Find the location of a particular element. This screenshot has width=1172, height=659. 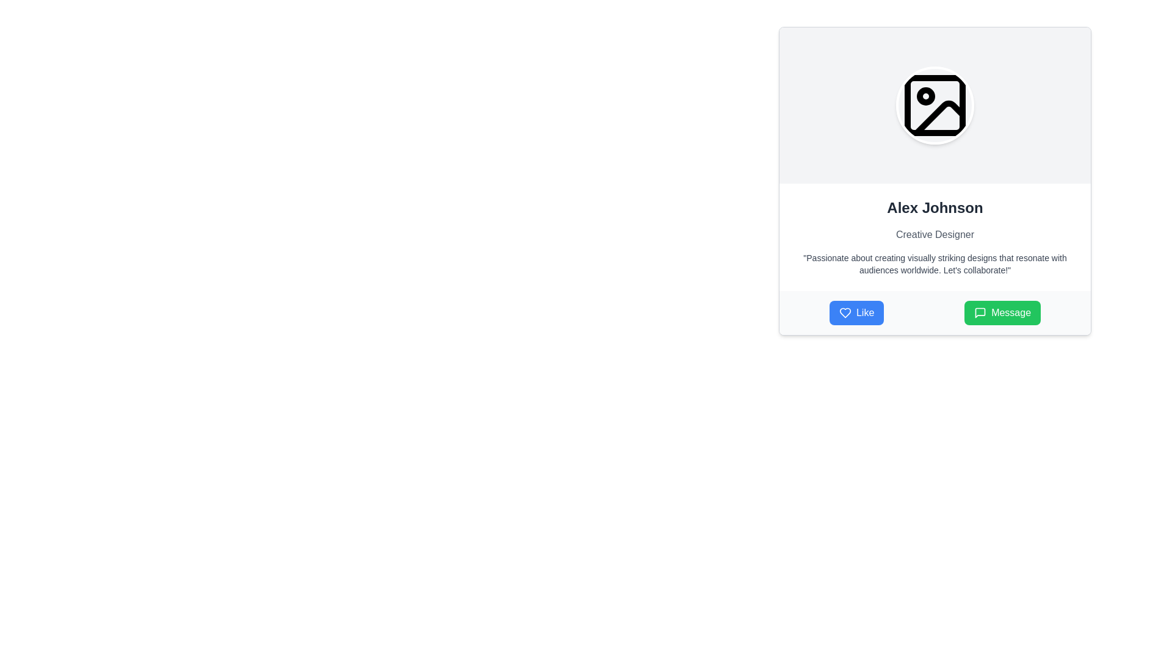

the static text element that reads 'Creative Designer', which is styled in light gray and positioned centrally within the profile card, directly below 'Alex Johnson' is located at coordinates (934, 235).